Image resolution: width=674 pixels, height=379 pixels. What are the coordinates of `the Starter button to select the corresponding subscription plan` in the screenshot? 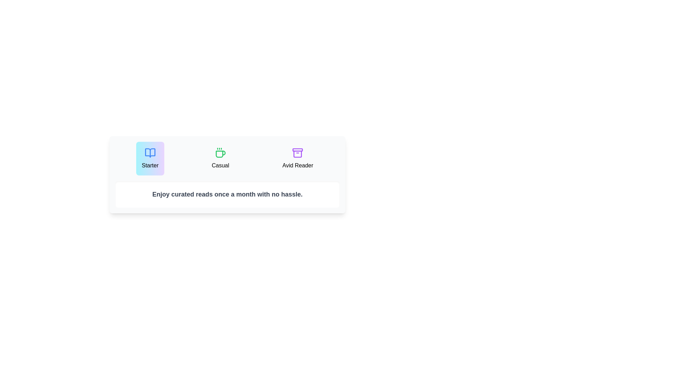 It's located at (150, 158).